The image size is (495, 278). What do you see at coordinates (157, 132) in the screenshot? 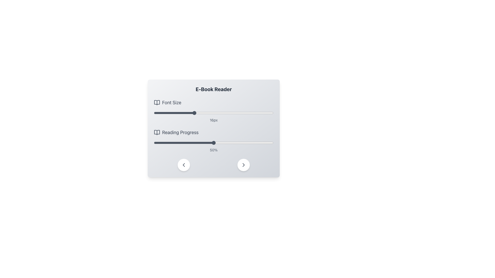
I see `open book icon representing the 'Reading Progress' section for interactive attributes` at bounding box center [157, 132].